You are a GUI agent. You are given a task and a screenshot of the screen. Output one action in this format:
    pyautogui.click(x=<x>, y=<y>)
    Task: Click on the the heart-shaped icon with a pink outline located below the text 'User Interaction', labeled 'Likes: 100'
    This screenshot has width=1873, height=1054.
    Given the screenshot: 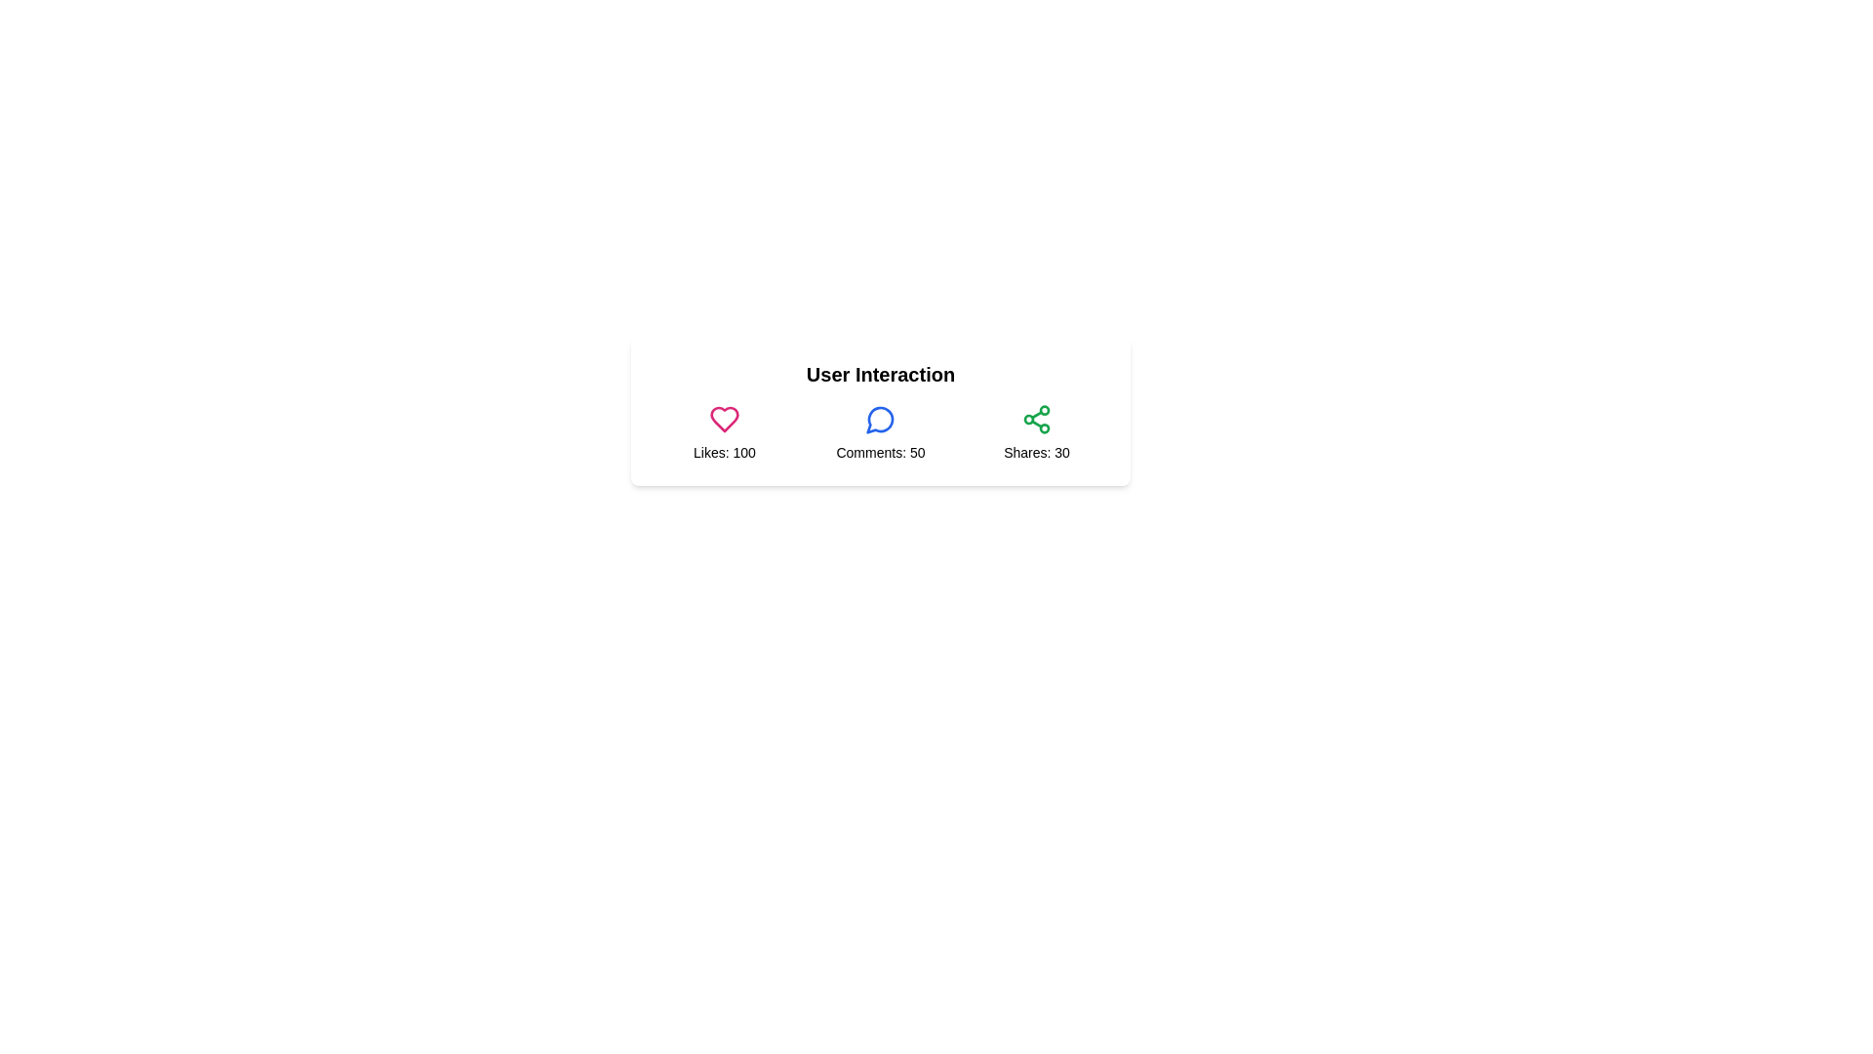 What is the action you would take?
    pyautogui.click(x=724, y=418)
    